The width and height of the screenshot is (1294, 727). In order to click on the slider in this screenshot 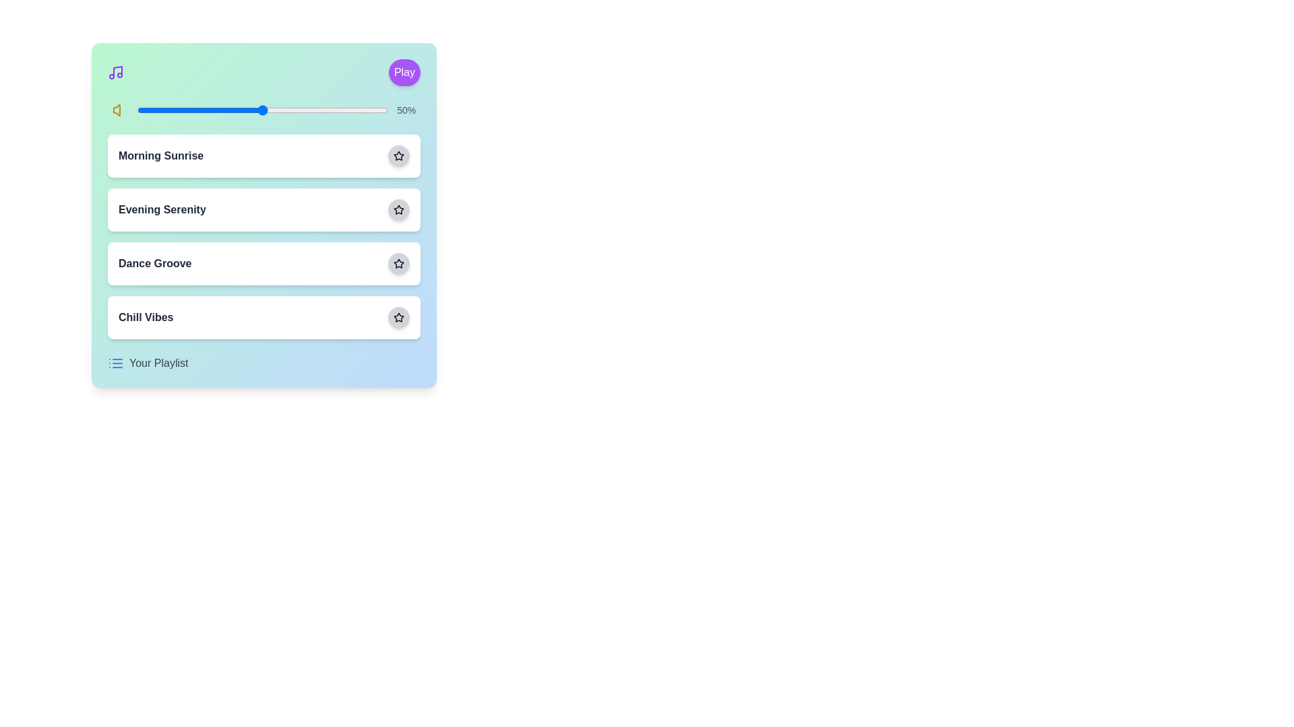, I will do `click(302, 110)`.